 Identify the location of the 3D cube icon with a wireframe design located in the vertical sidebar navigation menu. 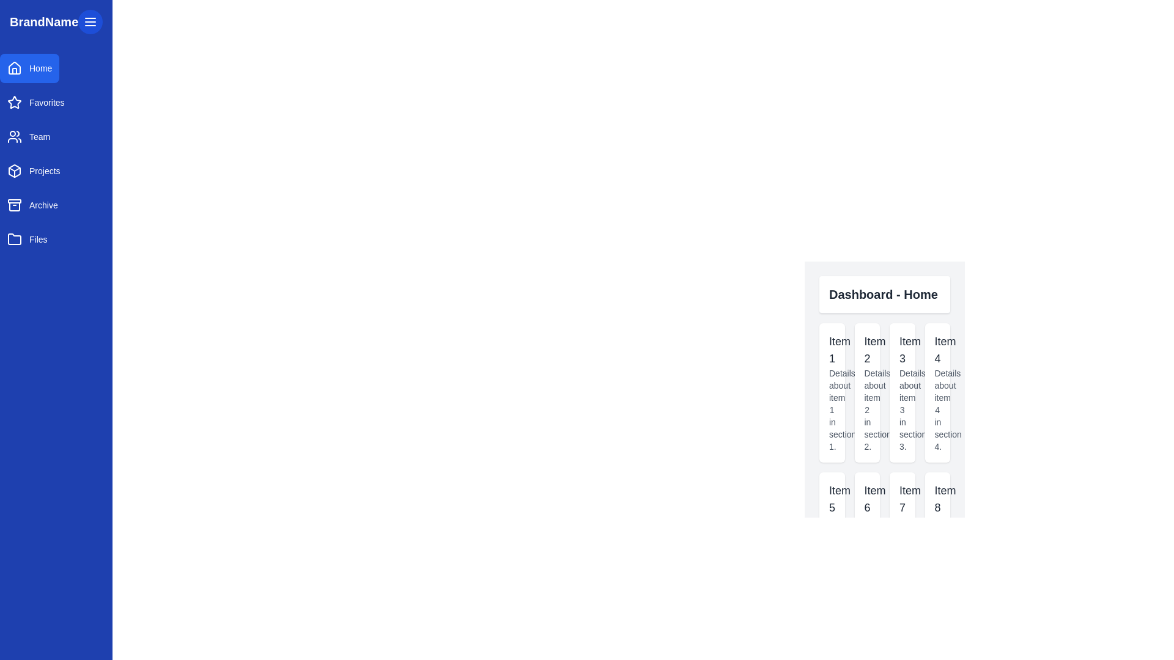
(15, 171).